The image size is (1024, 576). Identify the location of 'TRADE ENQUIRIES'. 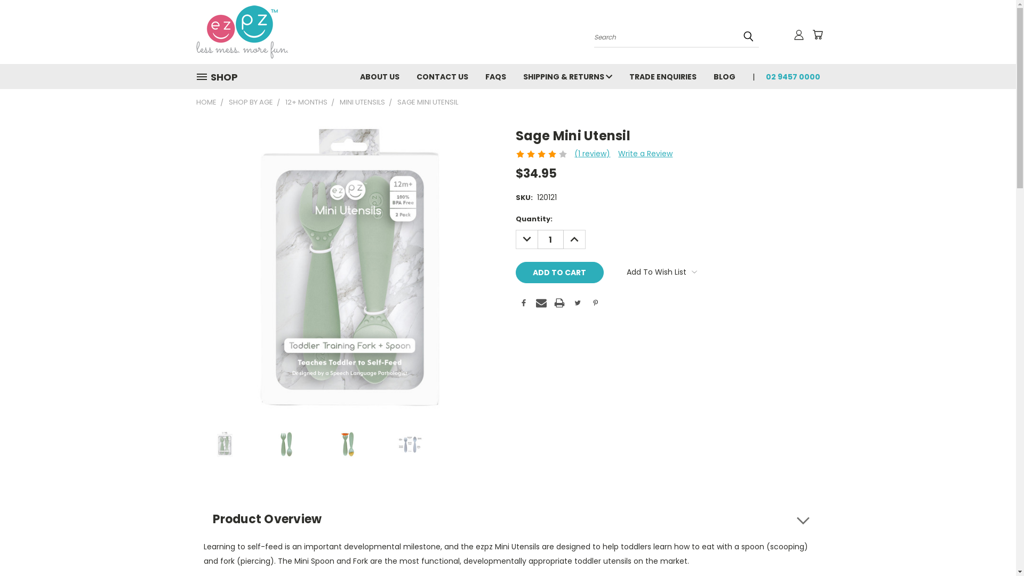
(662, 75).